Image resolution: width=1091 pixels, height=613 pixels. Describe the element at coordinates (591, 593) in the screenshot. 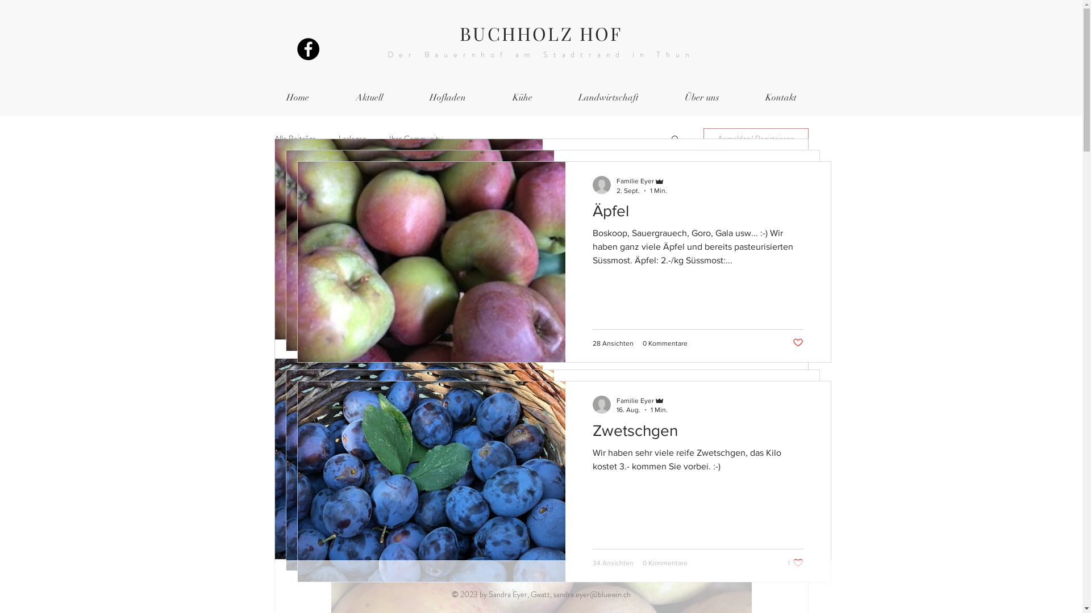

I see `'sandra.eyer@bluewin.ch'` at that location.